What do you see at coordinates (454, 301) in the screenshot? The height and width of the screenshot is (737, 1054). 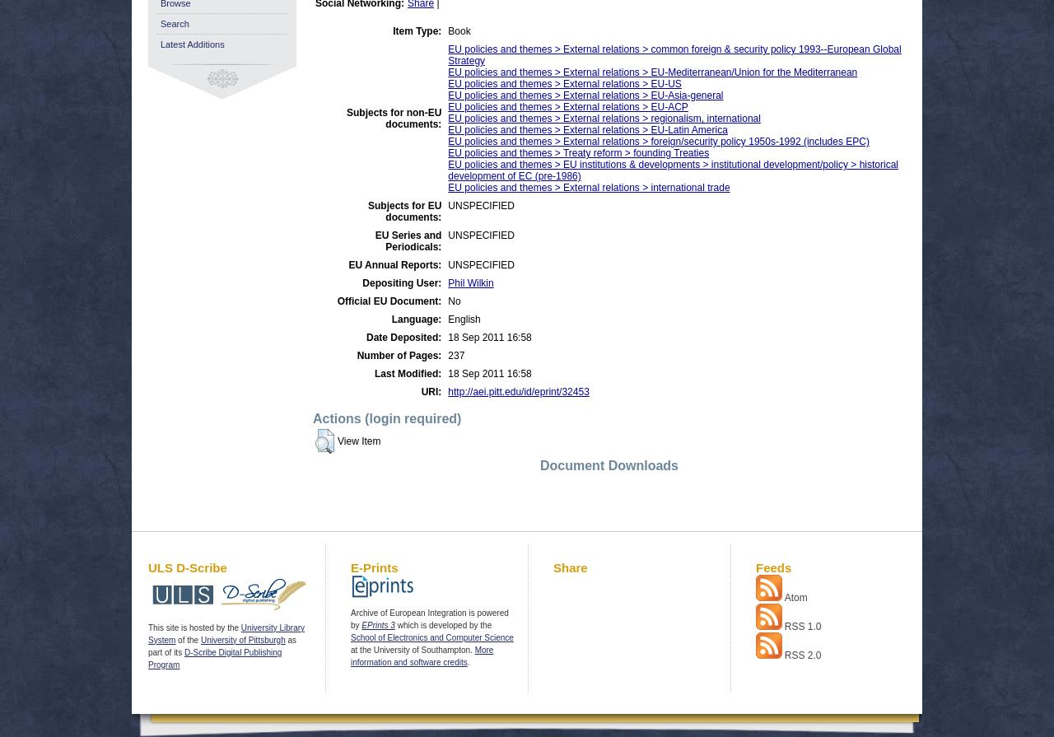 I see `'No'` at bounding box center [454, 301].